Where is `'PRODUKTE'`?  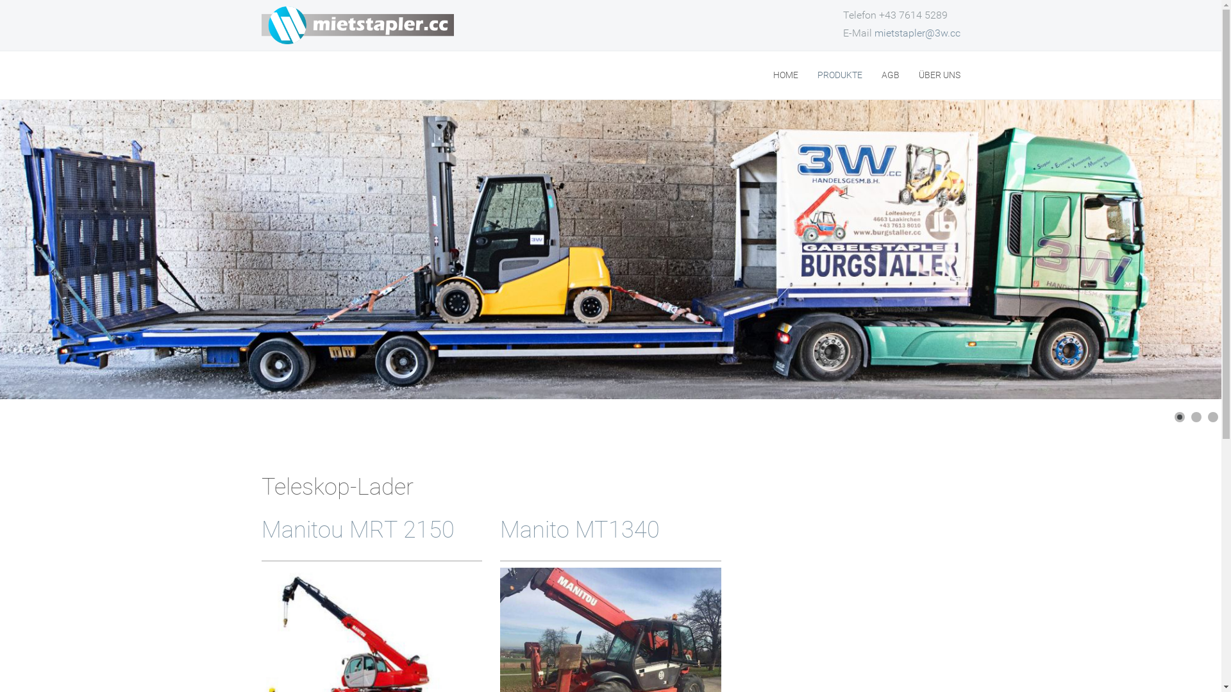 'PRODUKTE' is located at coordinates (839, 75).